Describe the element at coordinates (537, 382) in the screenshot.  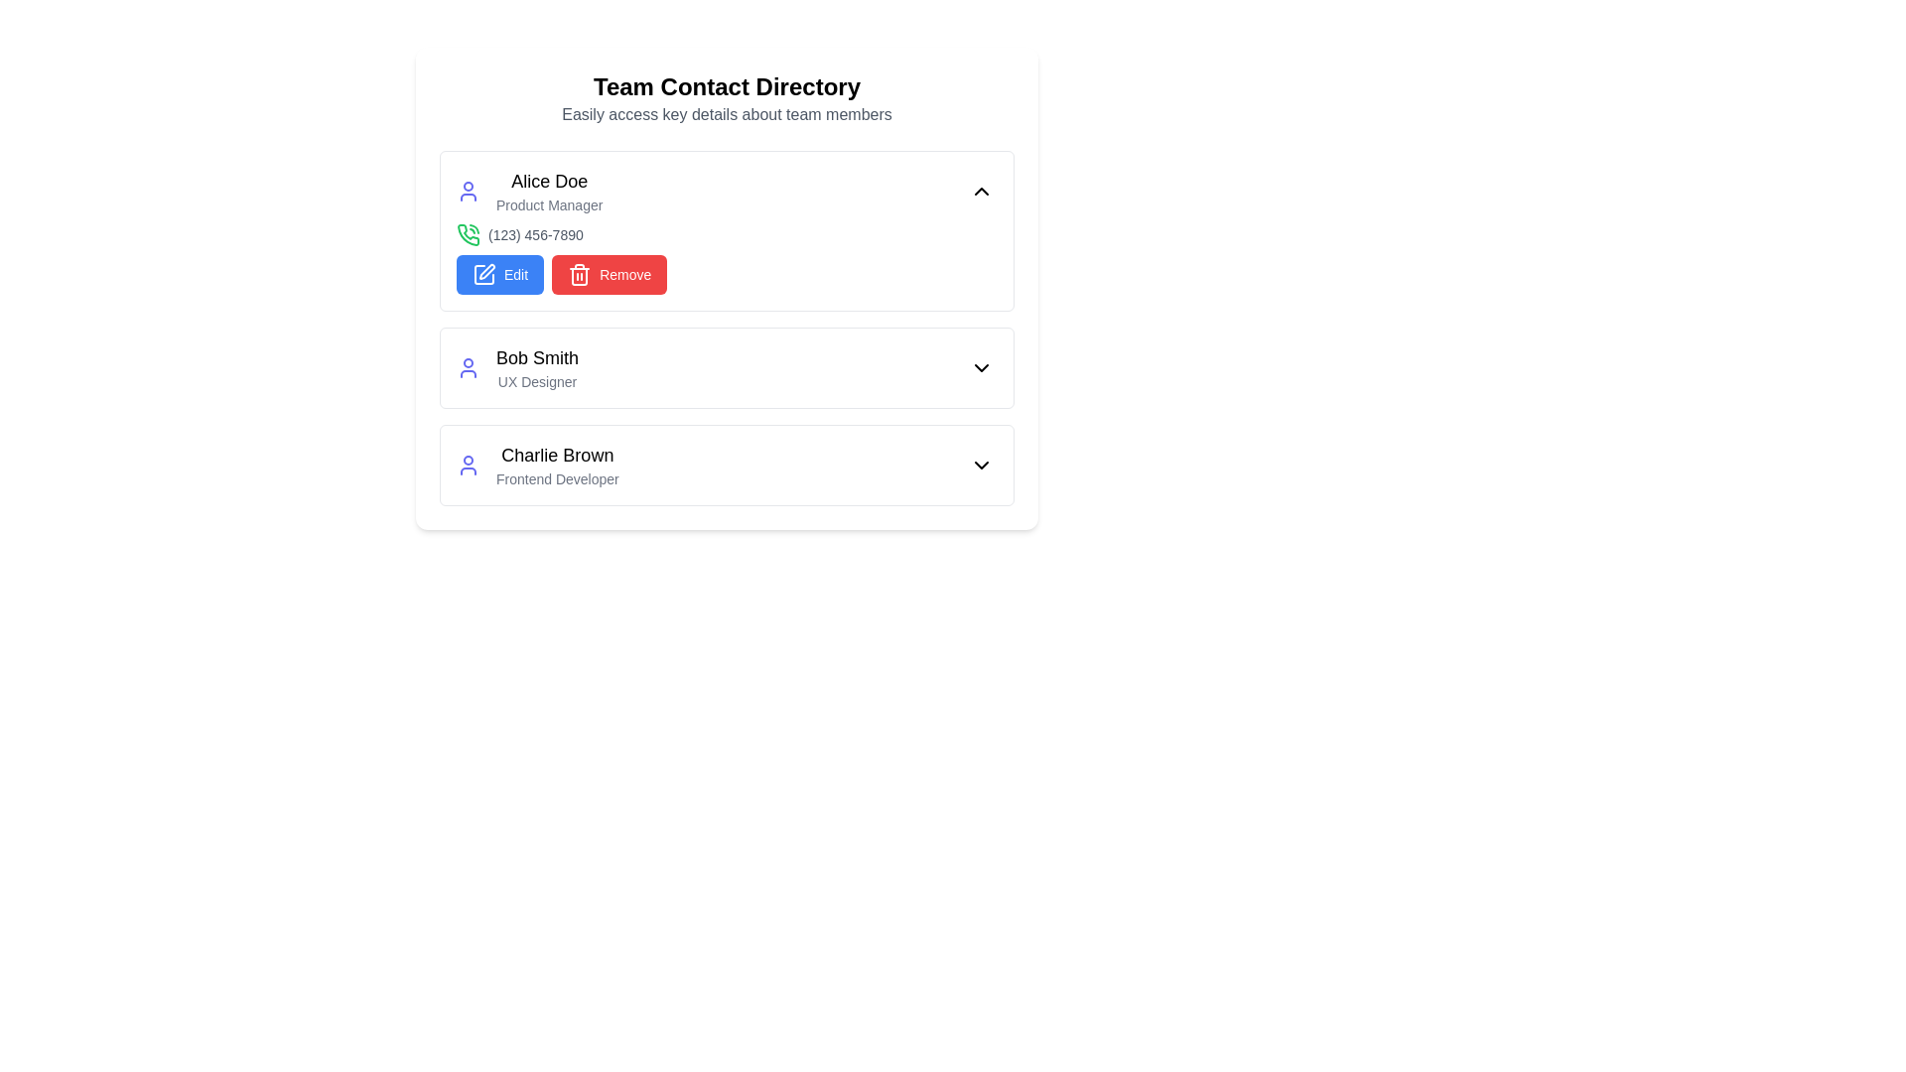
I see `the text label indicating the professional role of the contact 'Bob Smith', which is located beneath the name 'Bob Smith' in the center region of the contact card` at that location.